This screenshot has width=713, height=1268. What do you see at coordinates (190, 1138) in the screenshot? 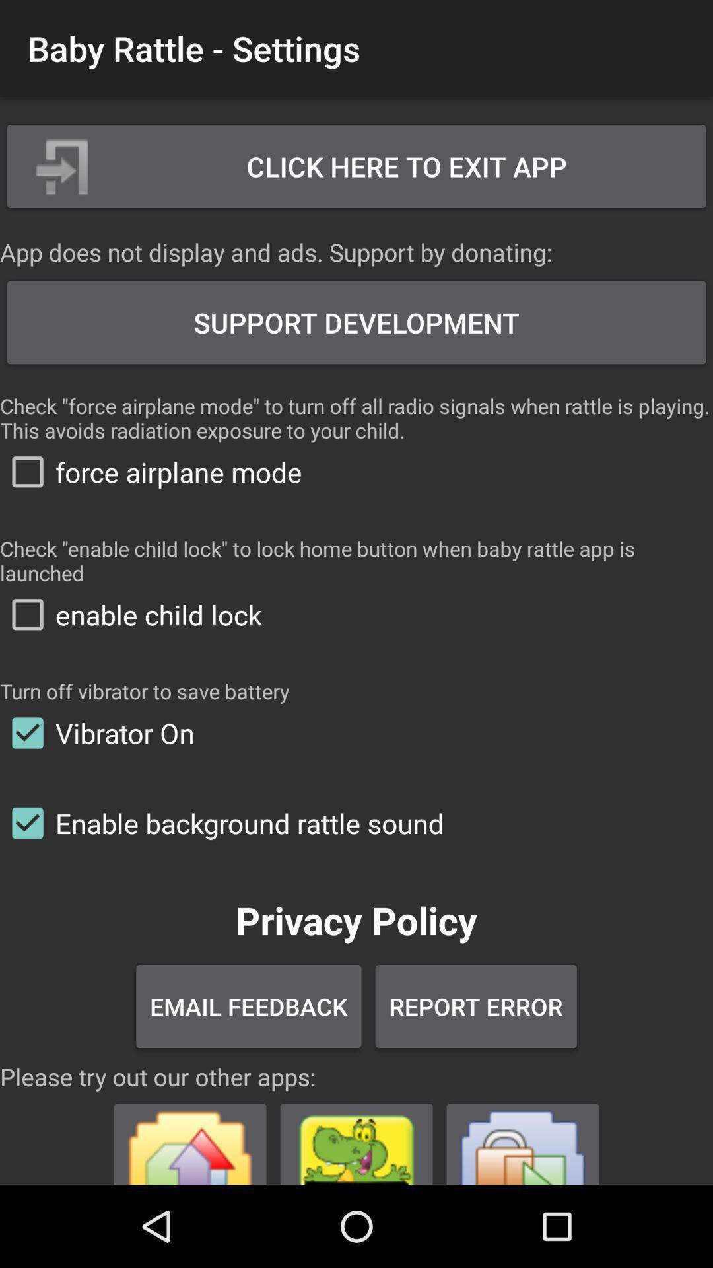
I see `the wallpaper icon` at bounding box center [190, 1138].